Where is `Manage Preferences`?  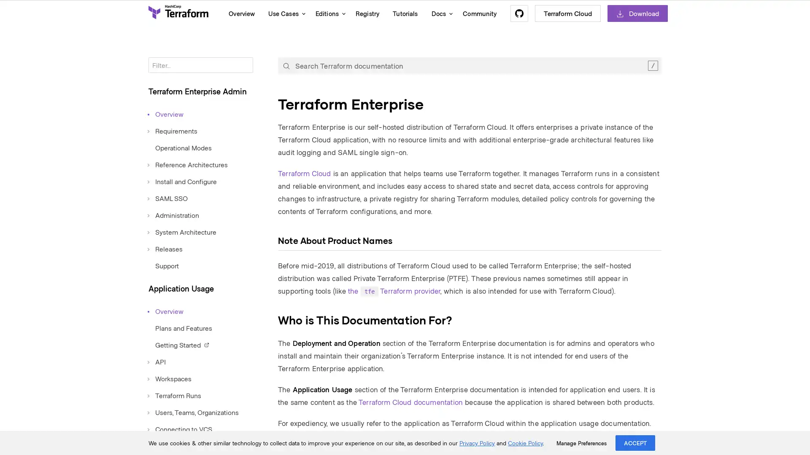 Manage Preferences is located at coordinates (581, 443).